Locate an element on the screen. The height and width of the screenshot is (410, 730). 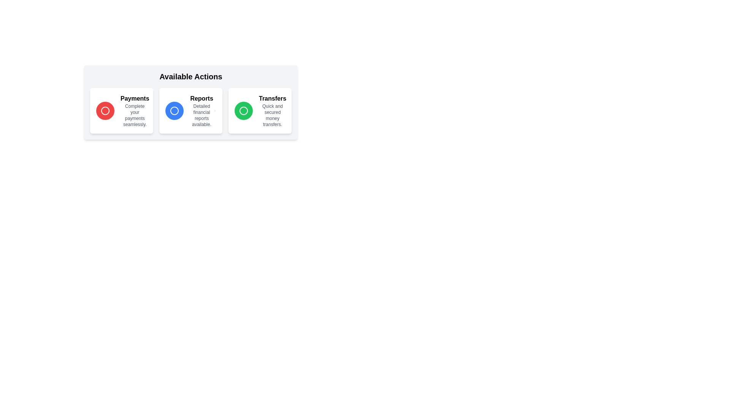
the text block that provides contextual details about the 'Reports' section, located in the middle panel below the 'Reports' heading and above a circular blue icon is located at coordinates (202, 115).